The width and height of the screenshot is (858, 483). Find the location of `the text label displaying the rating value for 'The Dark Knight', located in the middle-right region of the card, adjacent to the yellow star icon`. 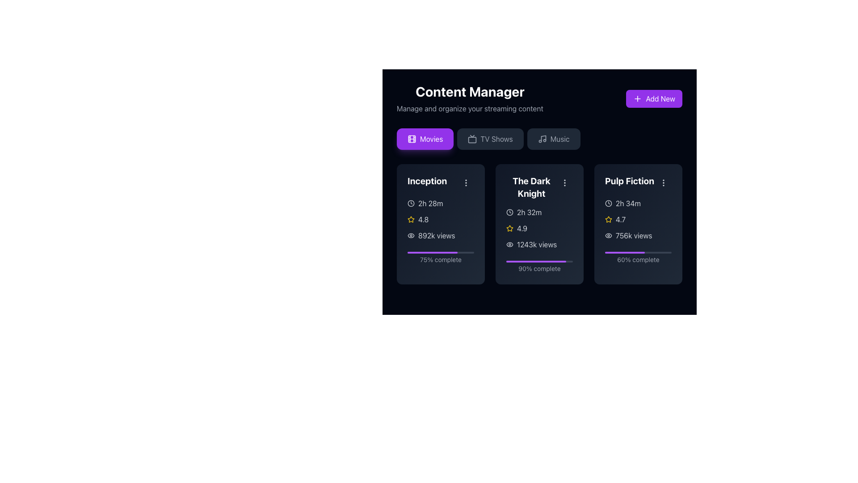

the text label displaying the rating value for 'The Dark Knight', located in the middle-right region of the card, adjacent to the yellow star icon is located at coordinates (522, 228).